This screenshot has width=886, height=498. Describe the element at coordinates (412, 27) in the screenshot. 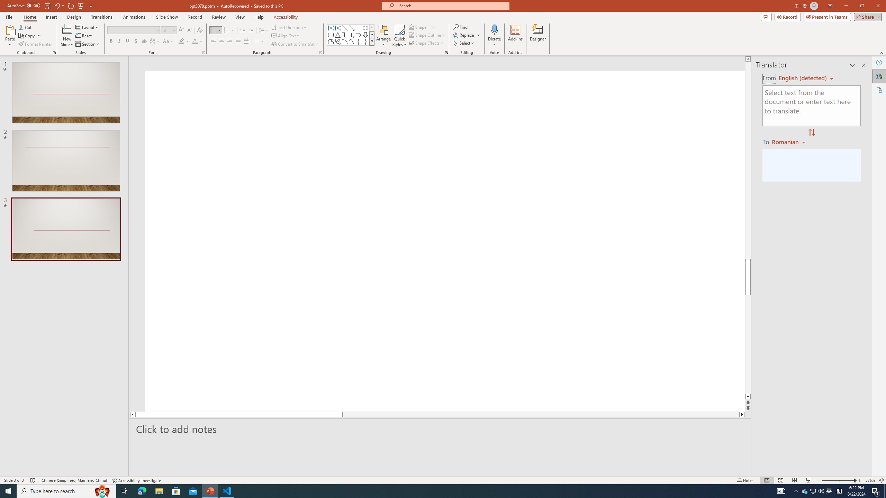

I see `'Shape Fill Dark Green, Accent 2'` at that location.